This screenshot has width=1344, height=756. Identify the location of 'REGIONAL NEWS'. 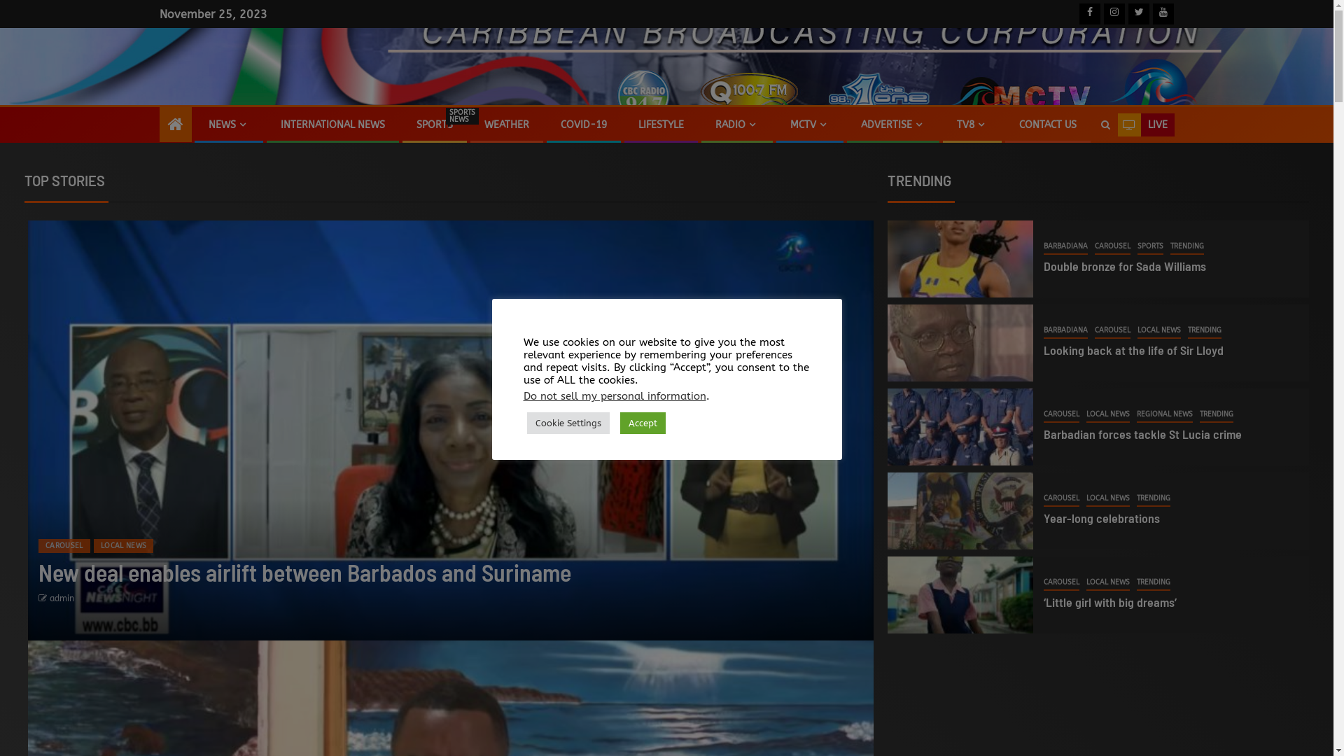
(1165, 414).